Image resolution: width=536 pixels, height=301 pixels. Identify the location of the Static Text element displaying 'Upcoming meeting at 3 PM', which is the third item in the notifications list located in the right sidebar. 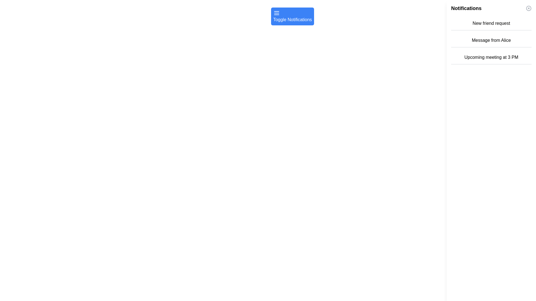
(491, 57).